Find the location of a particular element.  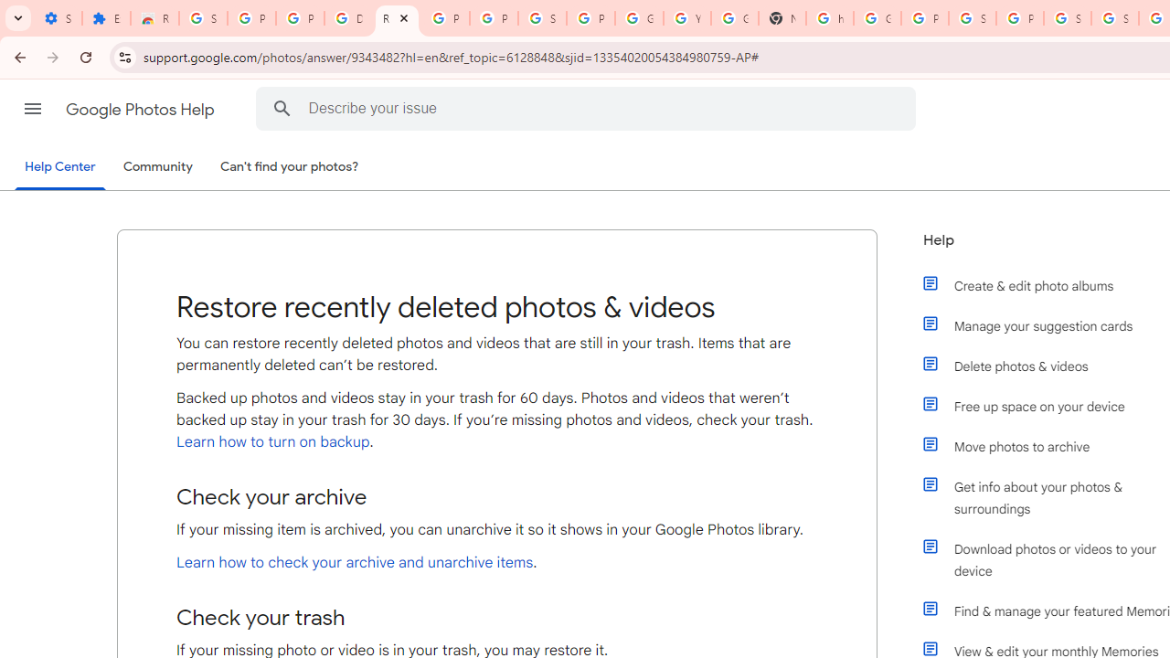

'Sign in - Google Accounts' is located at coordinates (1068, 18).